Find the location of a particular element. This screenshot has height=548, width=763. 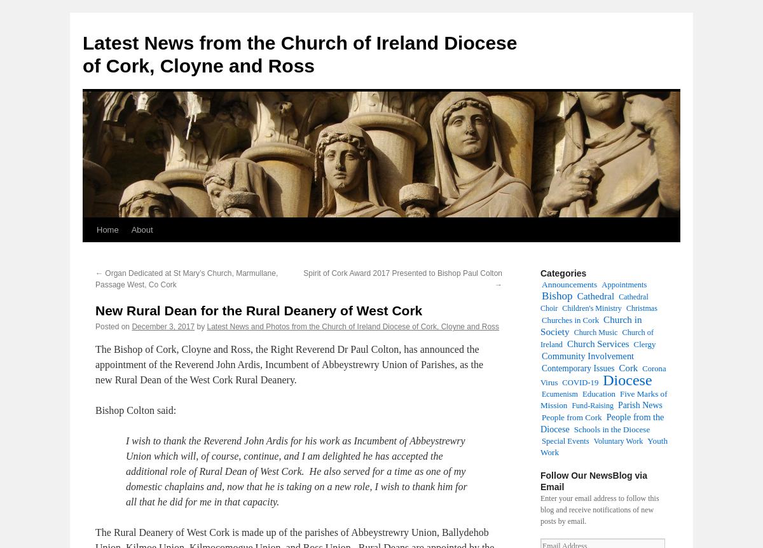

'Spirit of Cork Award 2017 Presented to Bishop Paul Colton' is located at coordinates (402, 272).